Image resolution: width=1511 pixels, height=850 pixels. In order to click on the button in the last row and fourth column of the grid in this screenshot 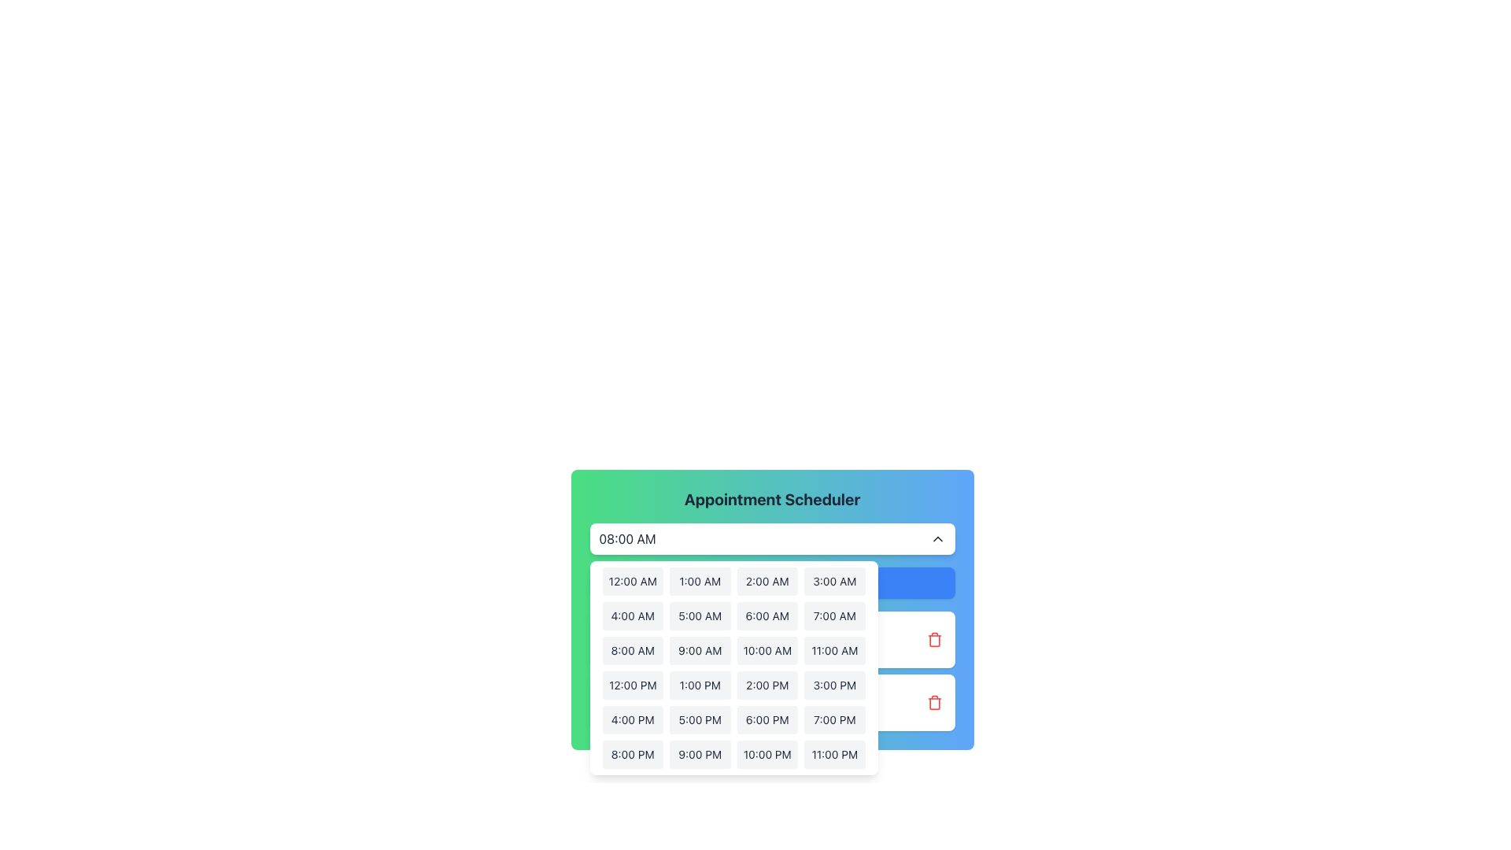, I will do `click(833, 685)`.